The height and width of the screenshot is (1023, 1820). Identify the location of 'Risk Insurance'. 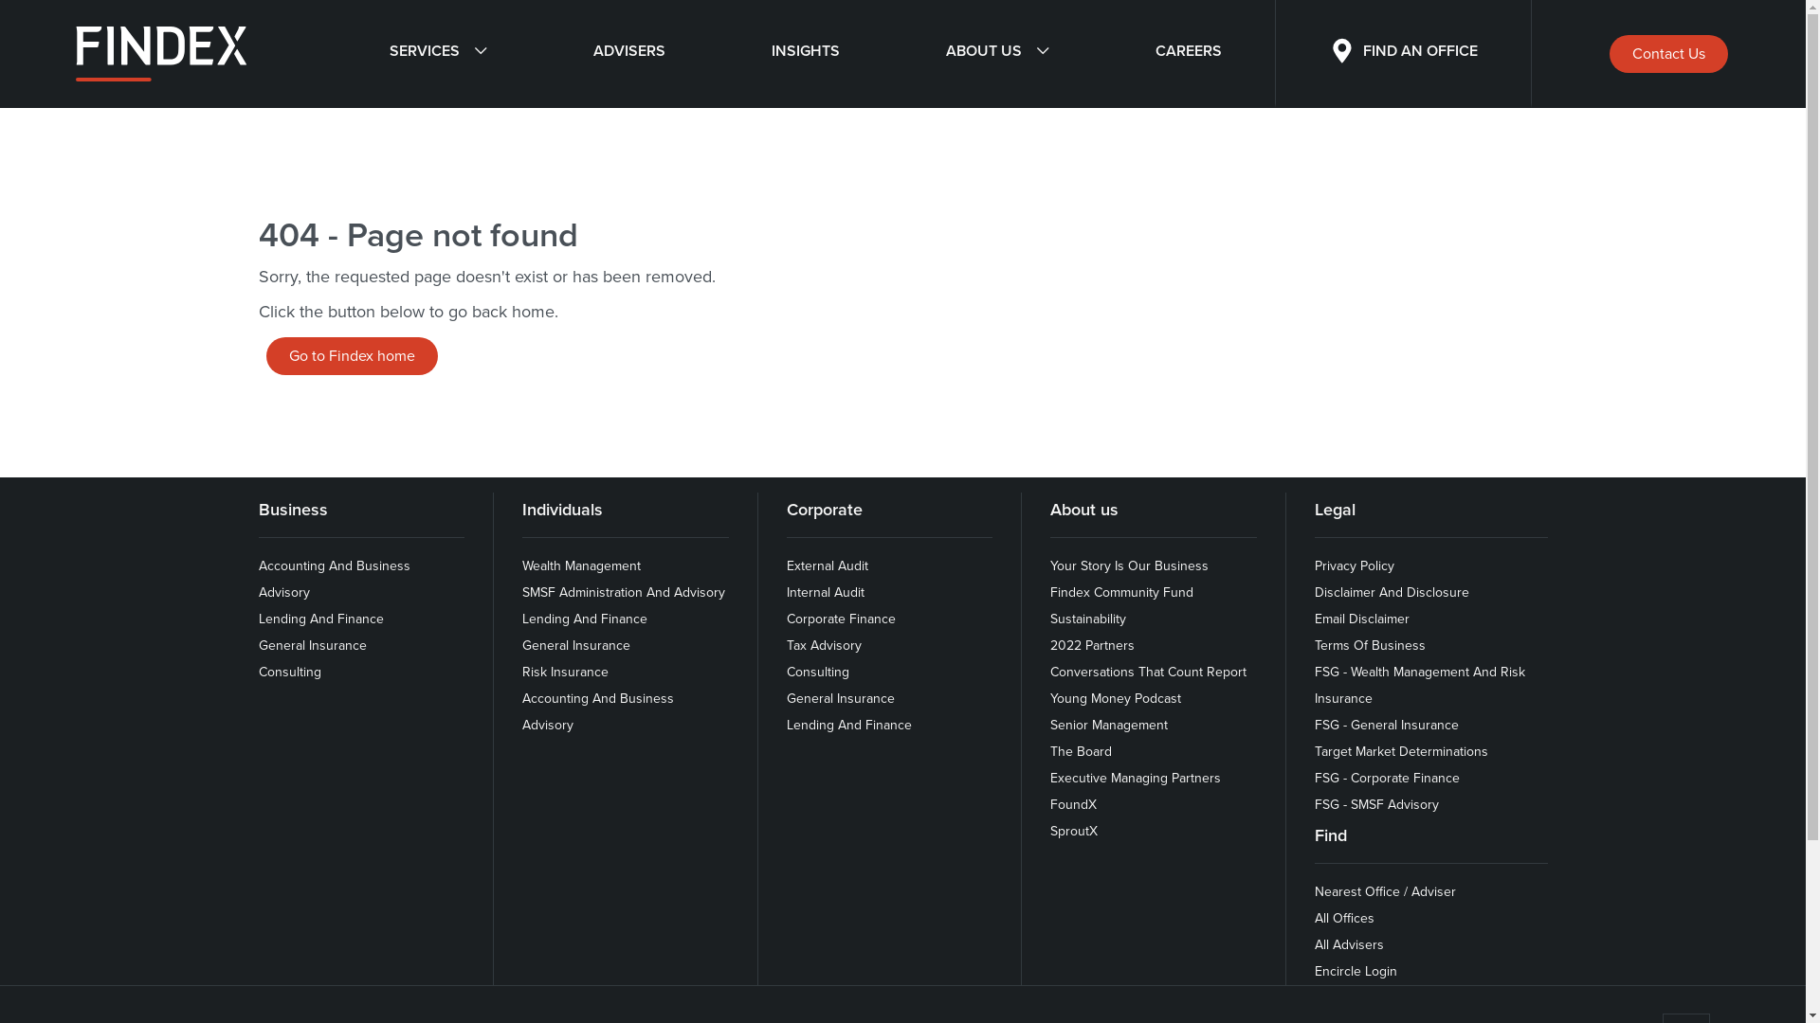
(522, 671).